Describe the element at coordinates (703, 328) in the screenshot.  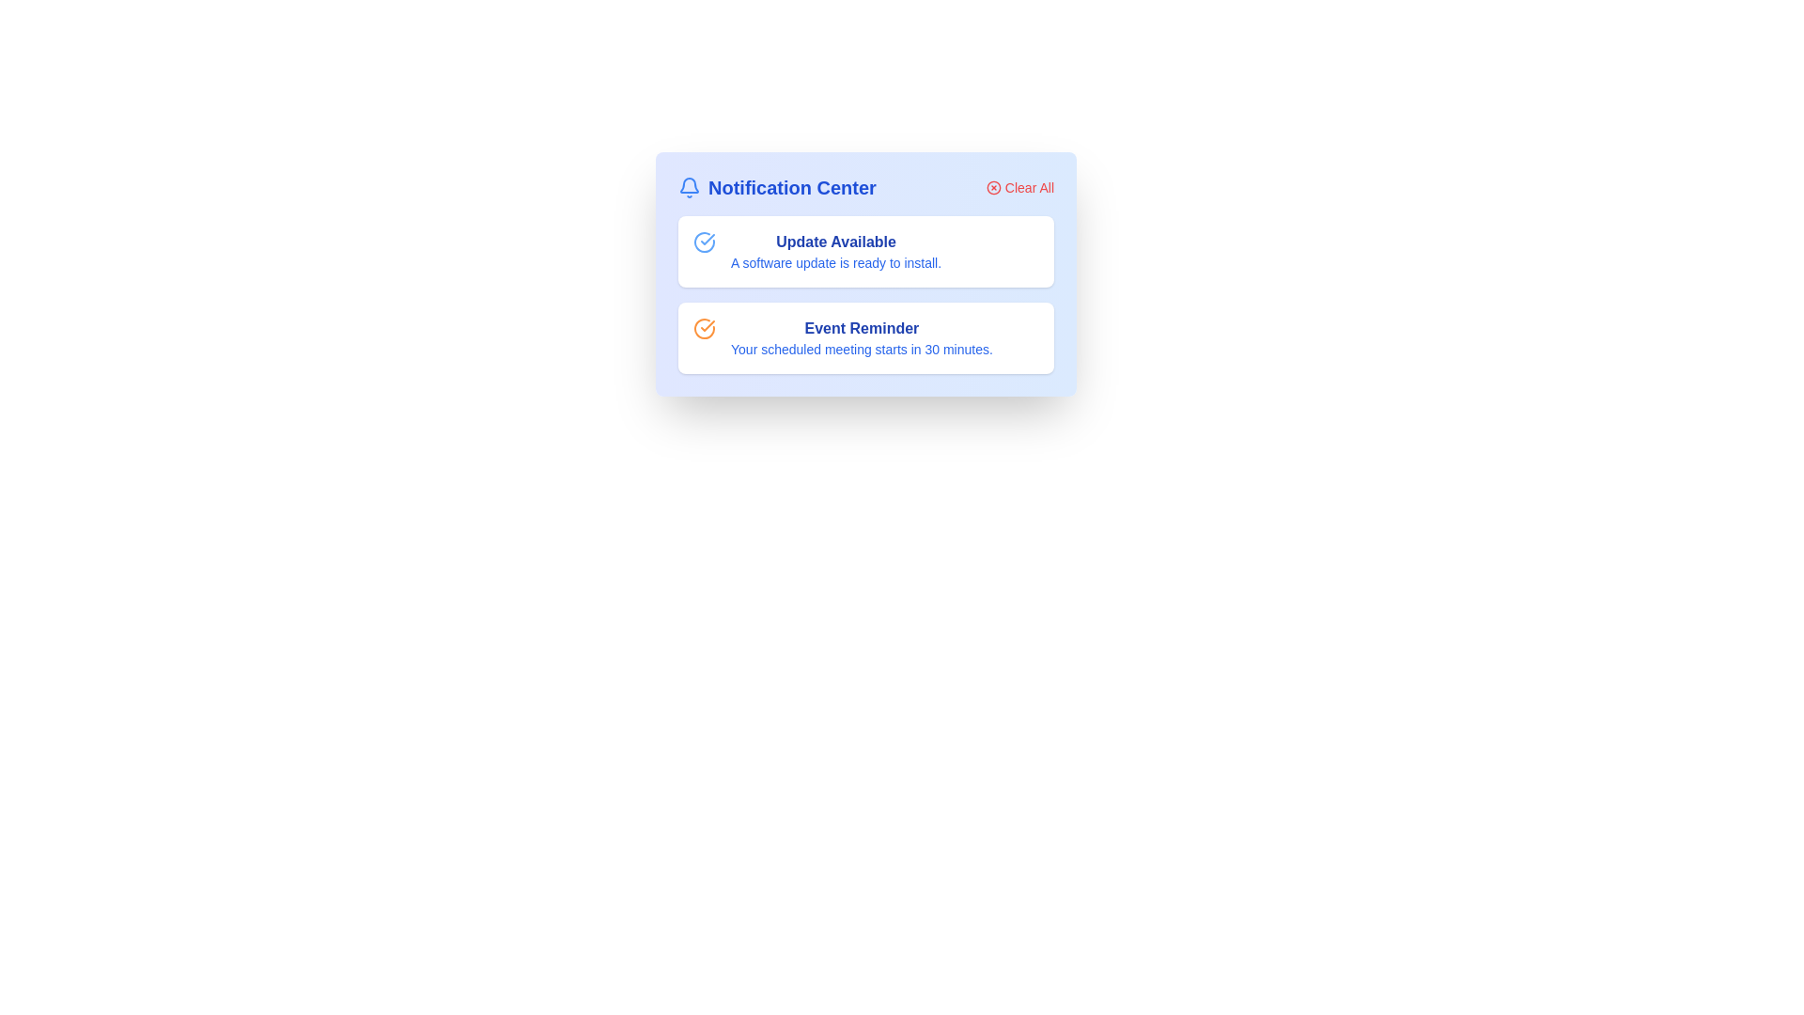
I see `the icon associated with the reminder text located in the lower section of the 'Notification Center' card, labeled 'Event Reminder'` at that location.